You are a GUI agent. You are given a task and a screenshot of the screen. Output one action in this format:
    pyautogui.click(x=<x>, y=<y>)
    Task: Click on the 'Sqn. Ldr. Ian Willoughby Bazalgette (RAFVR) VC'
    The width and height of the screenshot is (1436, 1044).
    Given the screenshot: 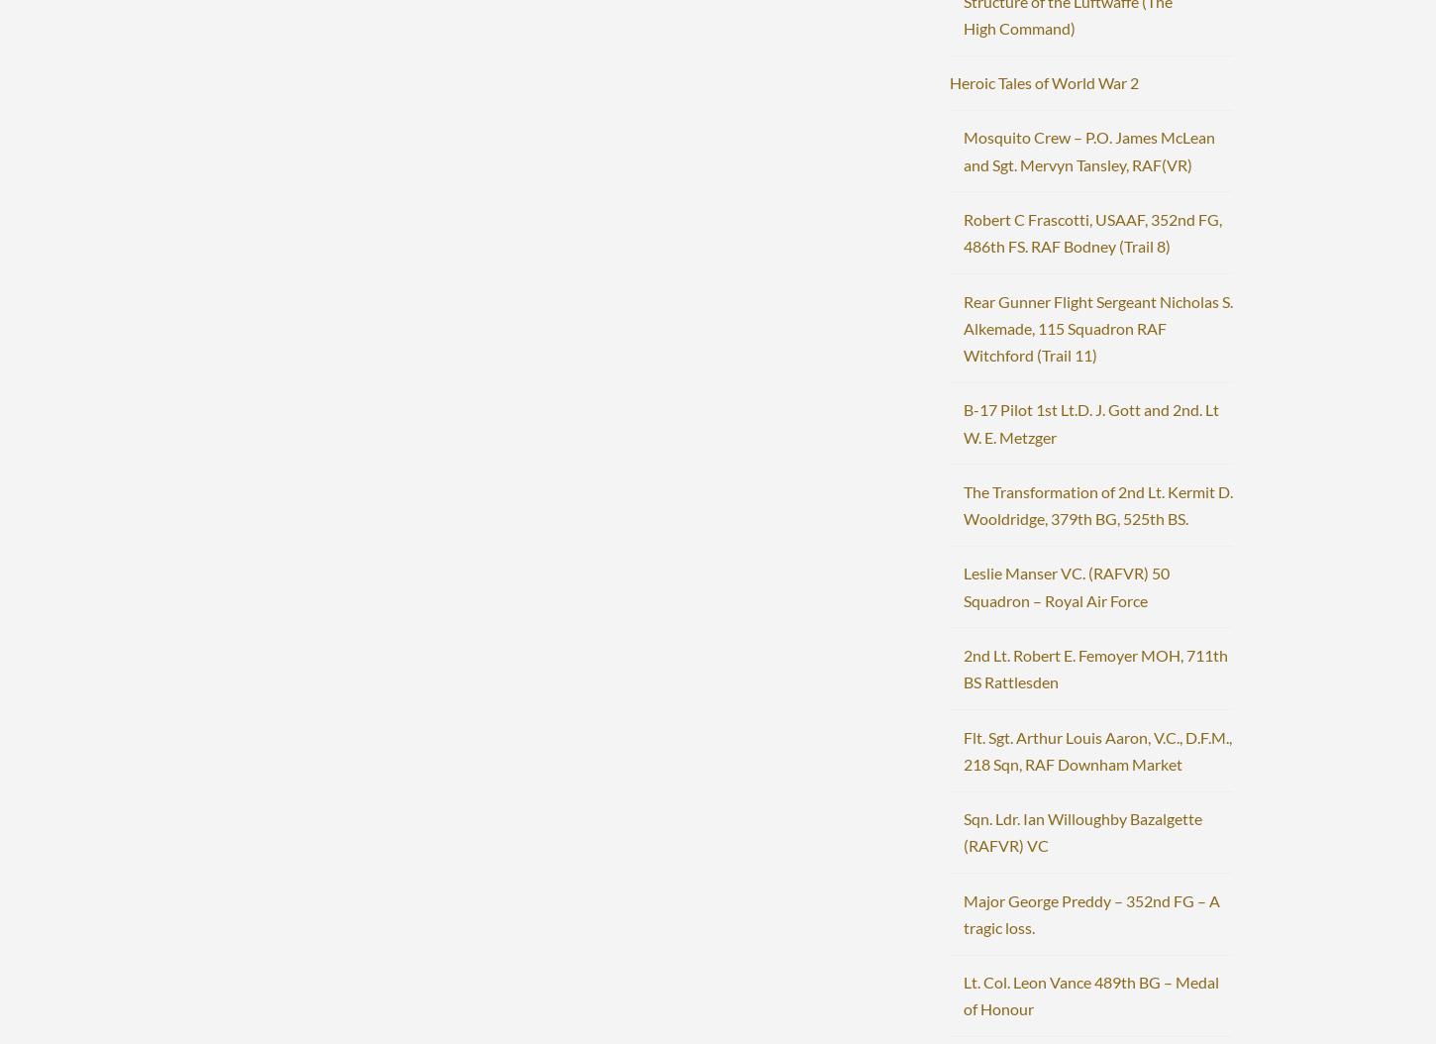 What is the action you would take?
    pyautogui.click(x=962, y=831)
    